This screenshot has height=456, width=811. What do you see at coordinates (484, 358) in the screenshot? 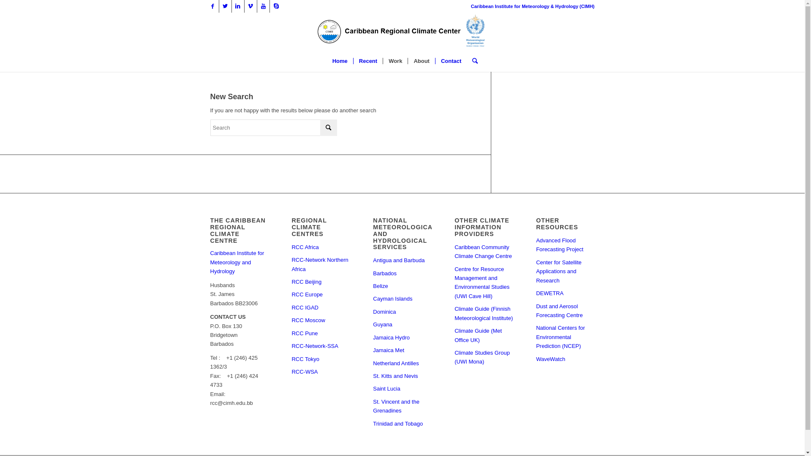
I see `'Climate Studies Group (UWI Mona)'` at bounding box center [484, 358].